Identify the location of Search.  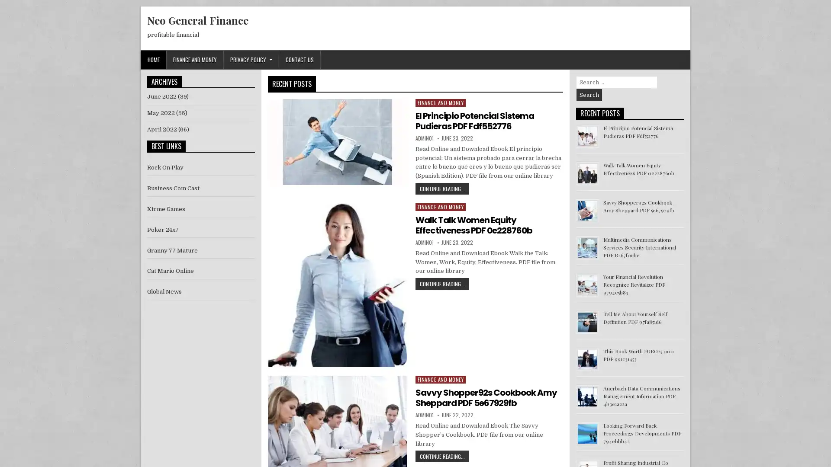
(589, 95).